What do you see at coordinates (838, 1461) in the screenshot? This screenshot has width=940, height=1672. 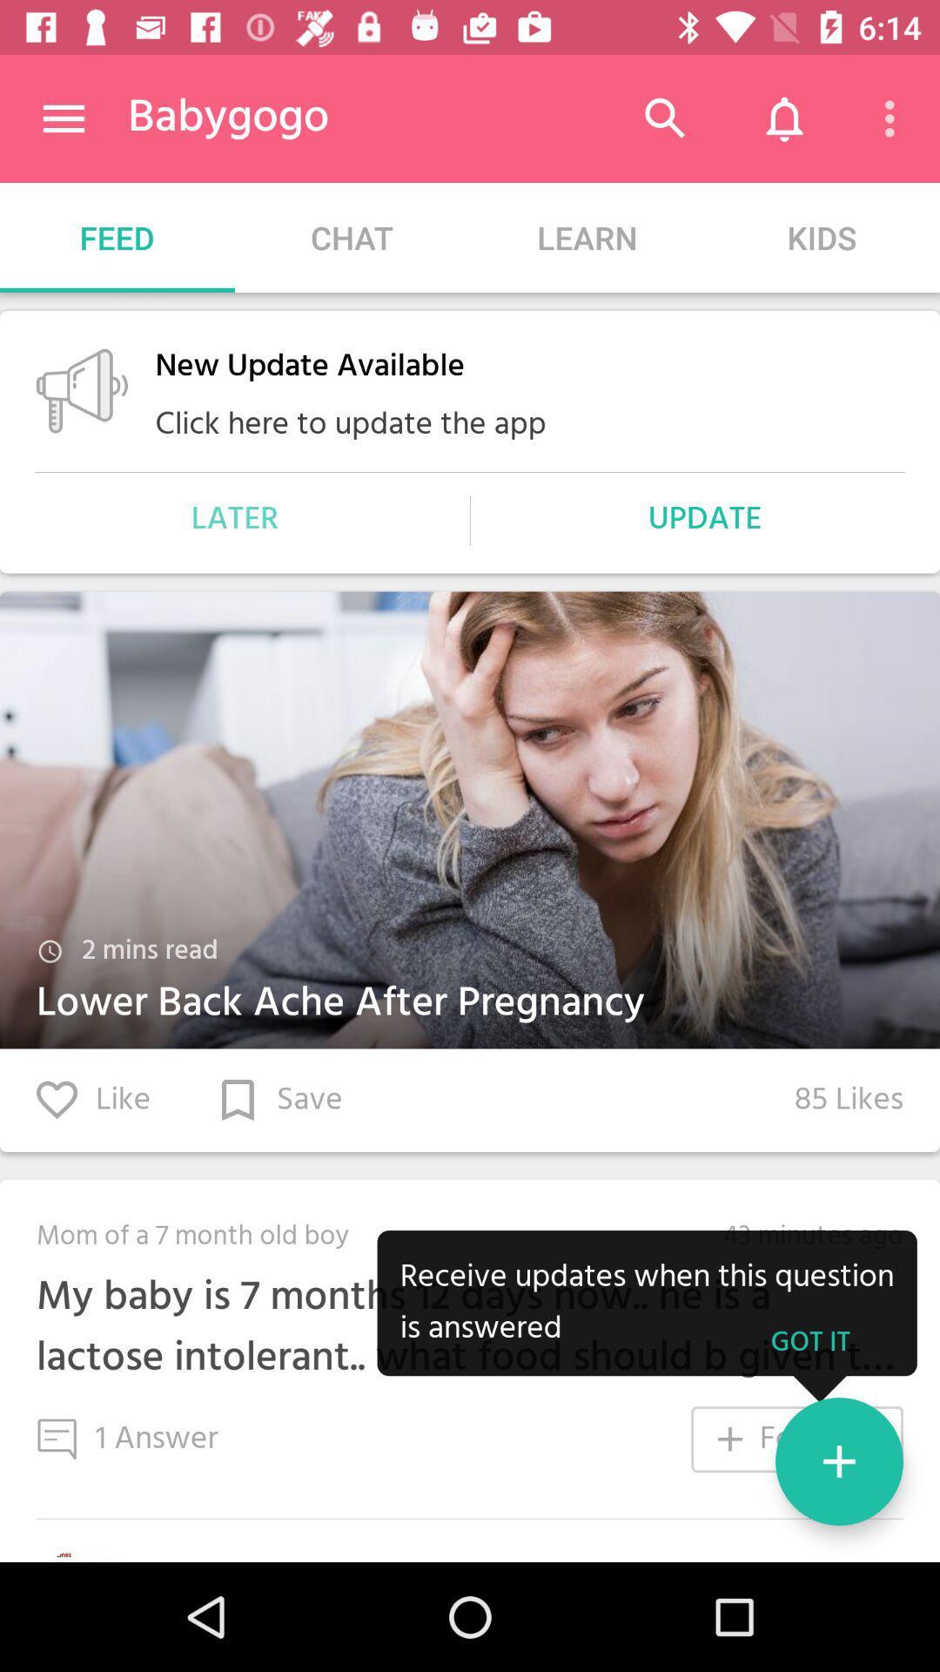 I see `the add icon` at bounding box center [838, 1461].